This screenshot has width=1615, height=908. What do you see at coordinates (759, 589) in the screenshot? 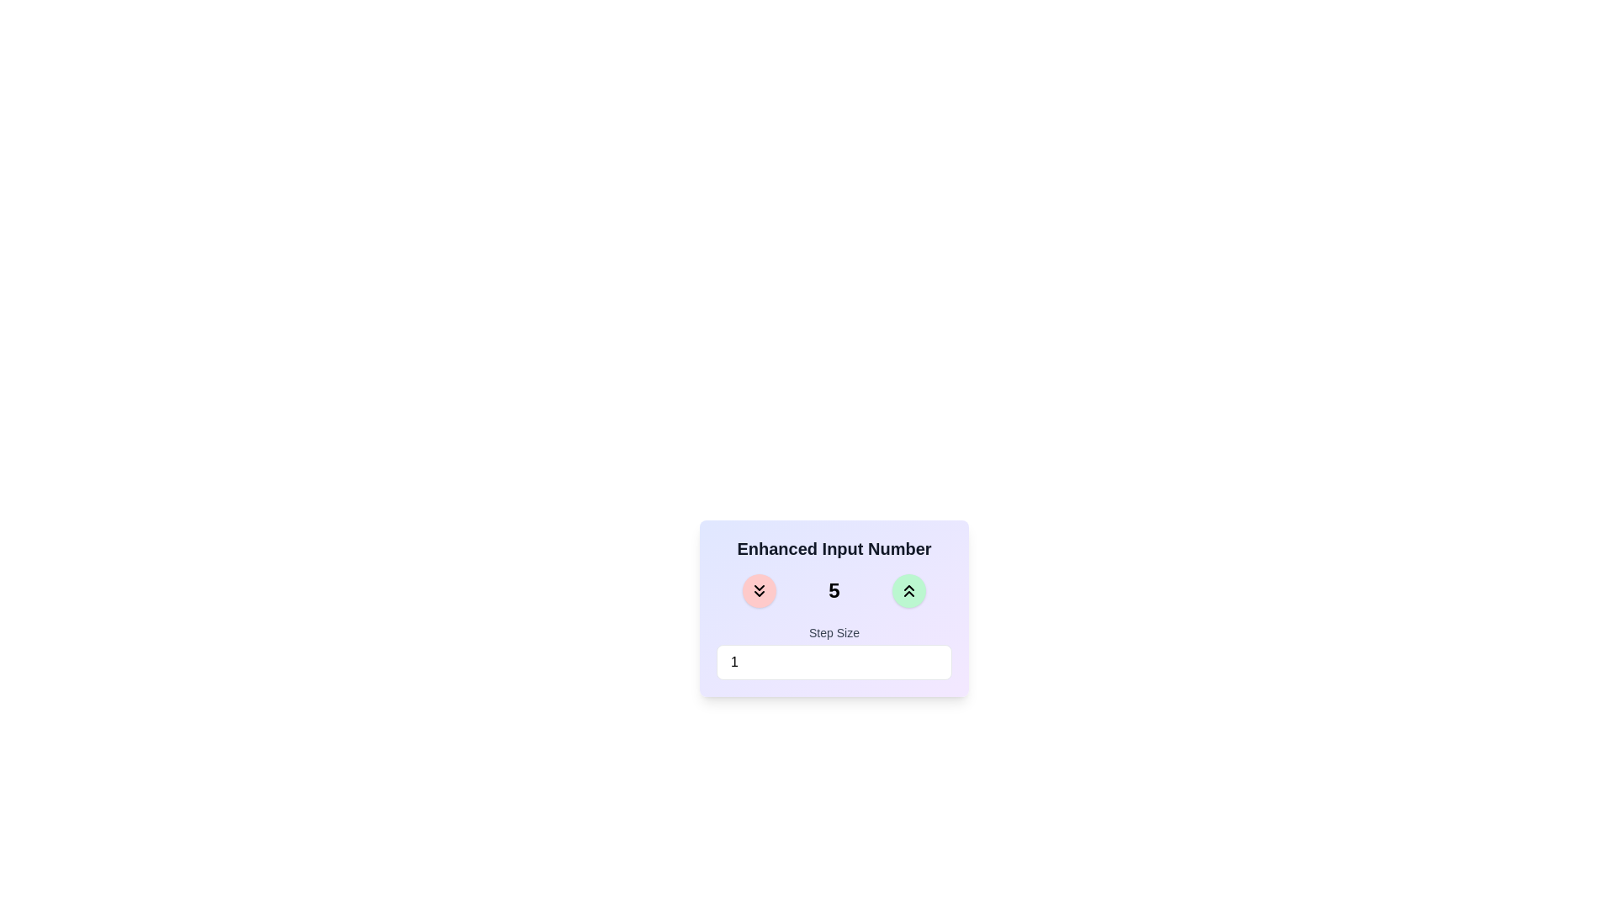
I see `and activate the Icon button represented by a double downward chevron inside a red circular button located on the top-left of the 'Enhanced Input Number' panel` at bounding box center [759, 589].